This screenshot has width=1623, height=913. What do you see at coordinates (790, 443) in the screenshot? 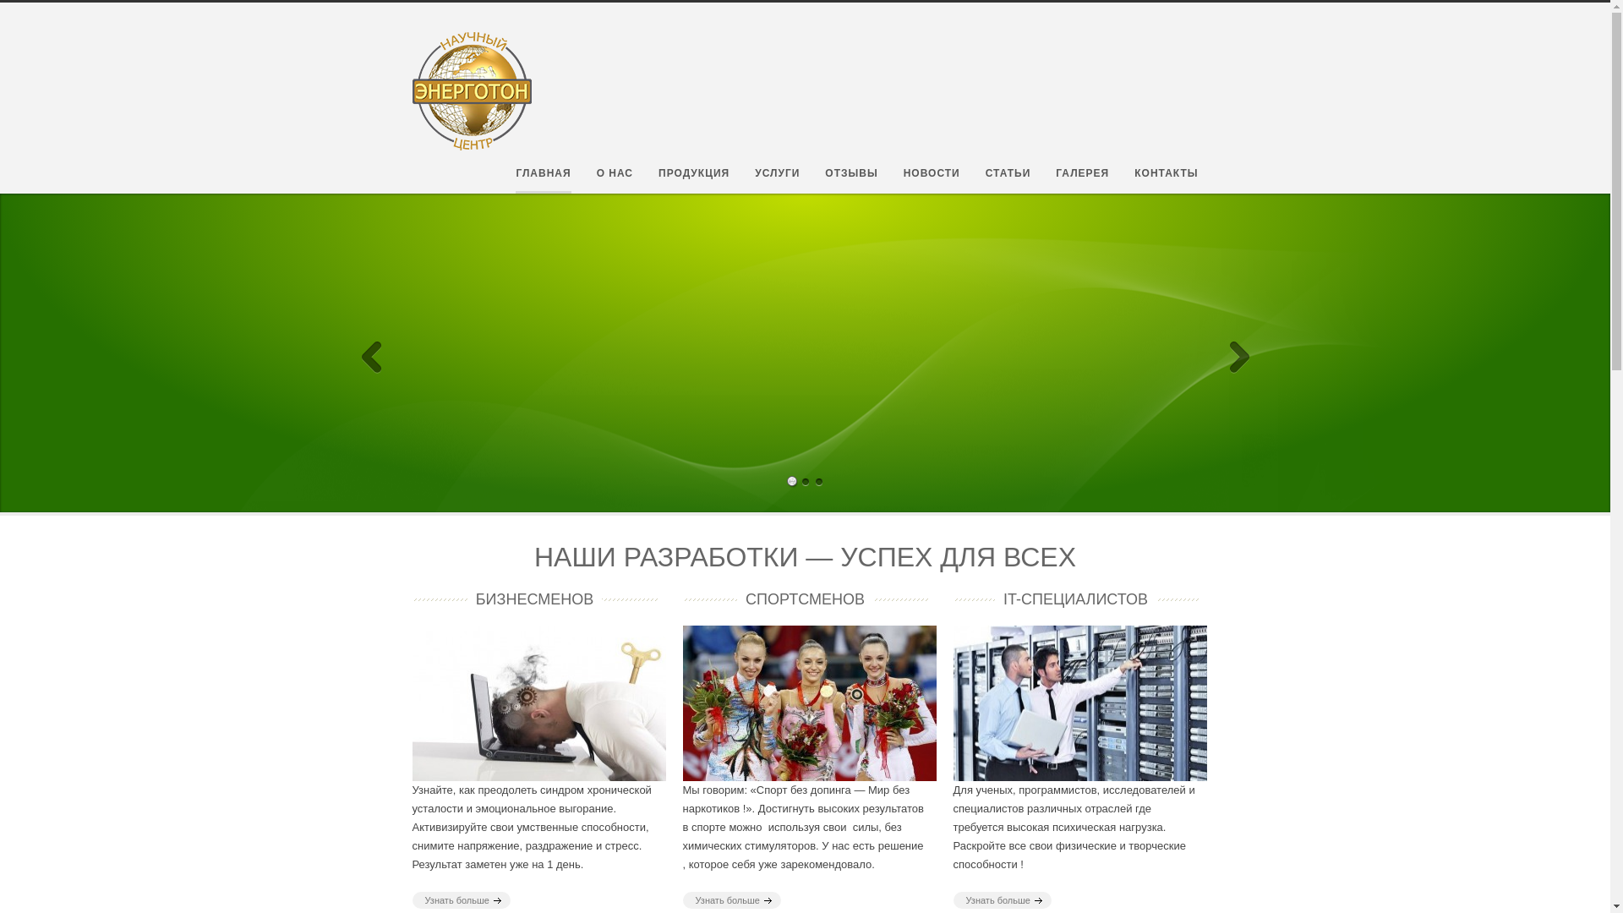
I see `'1'` at bounding box center [790, 443].